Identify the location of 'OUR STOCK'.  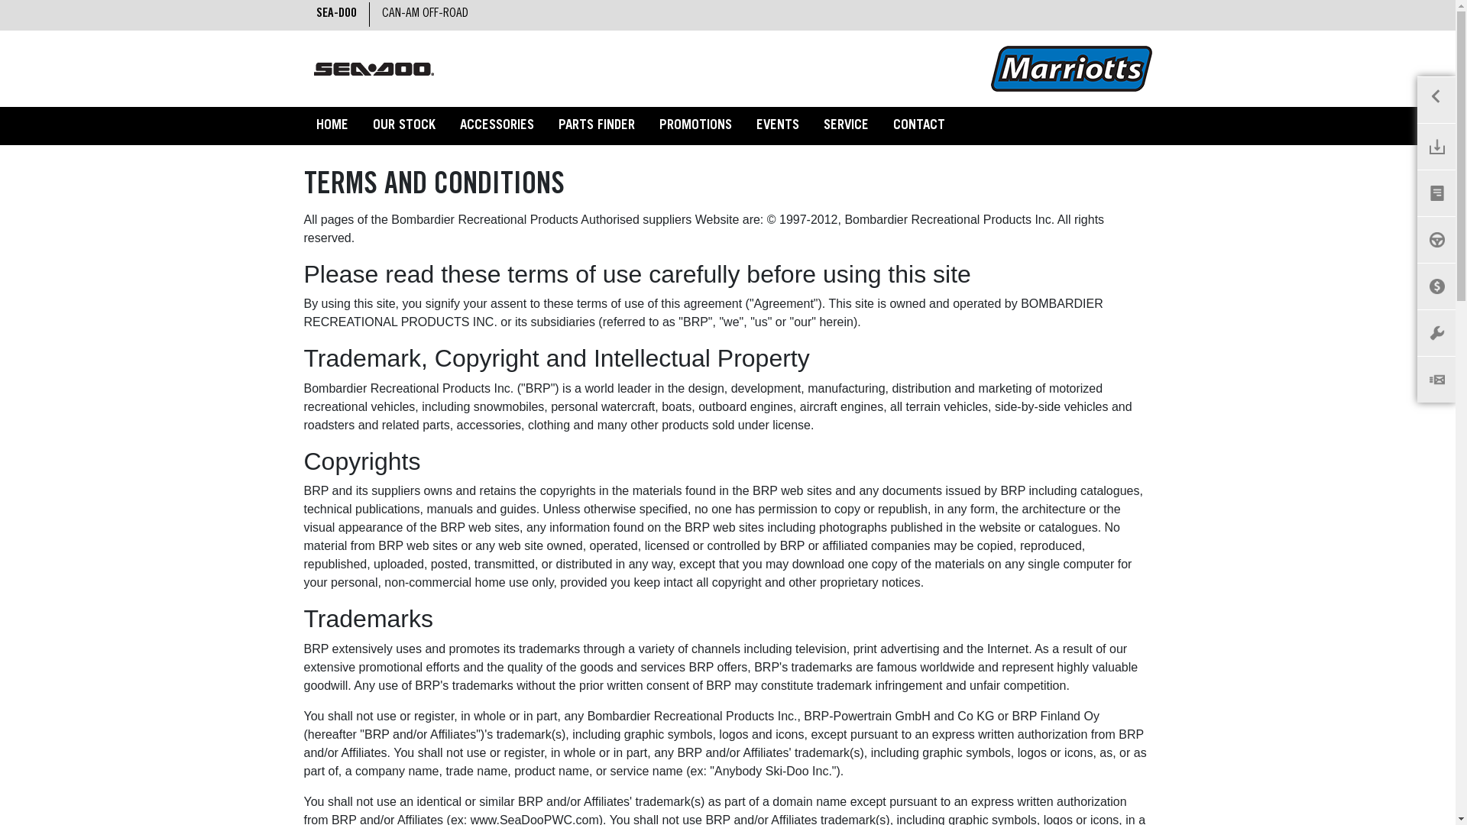
(403, 125).